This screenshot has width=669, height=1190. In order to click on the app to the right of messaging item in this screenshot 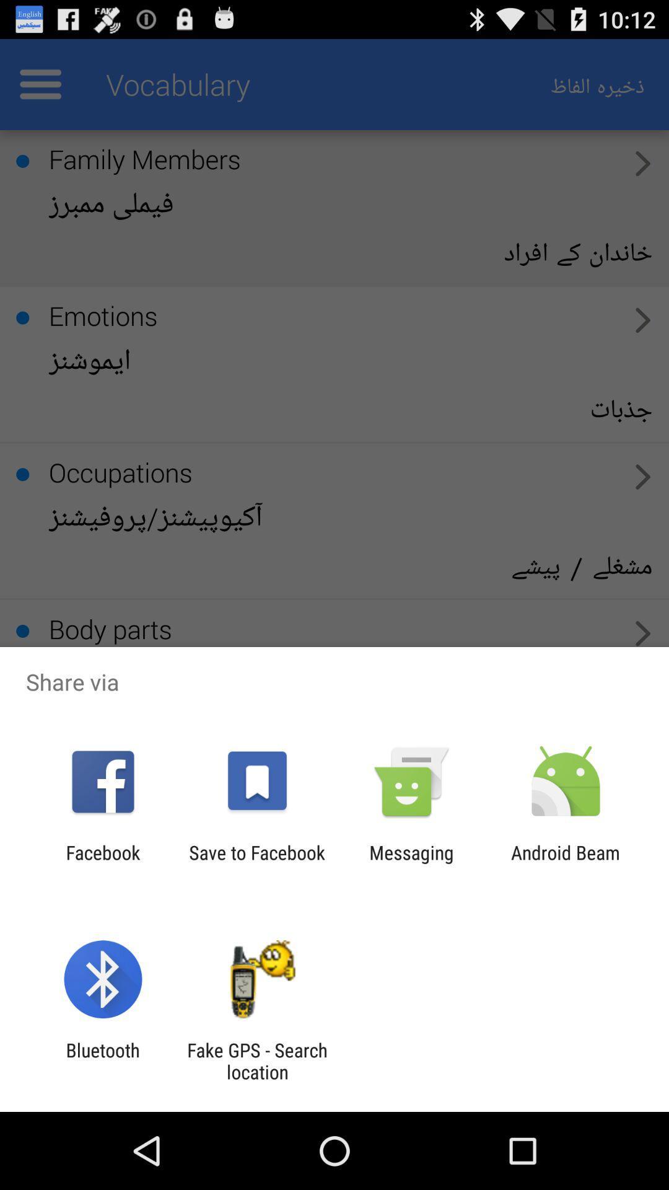, I will do `click(566, 863)`.